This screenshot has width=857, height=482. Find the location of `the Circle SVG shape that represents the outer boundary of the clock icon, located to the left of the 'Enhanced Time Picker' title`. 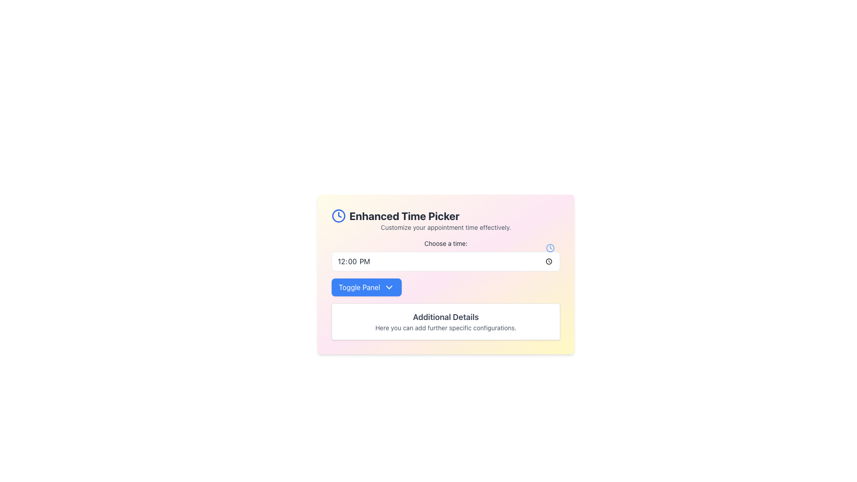

the Circle SVG shape that represents the outer boundary of the clock icon, located to the left of the 'Enhanced Time Picker' title is located at coordinates (338, 216).